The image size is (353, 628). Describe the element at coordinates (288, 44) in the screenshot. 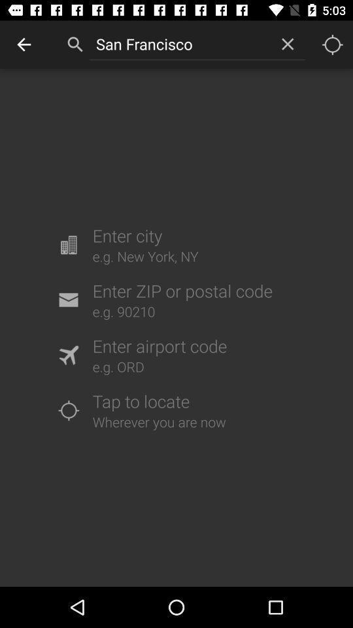

I see `the item to the right of san francisco item` at that location.